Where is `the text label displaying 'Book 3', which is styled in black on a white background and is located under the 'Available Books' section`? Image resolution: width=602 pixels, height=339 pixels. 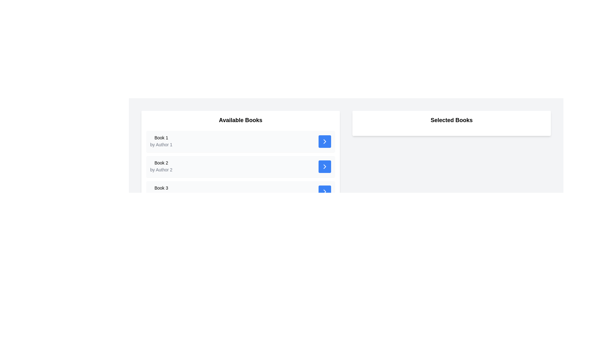
the text label displaying 'Book 3', which is styled in black on a white background and is located under the 'Available Books' section is located at coordinates (161, 187).